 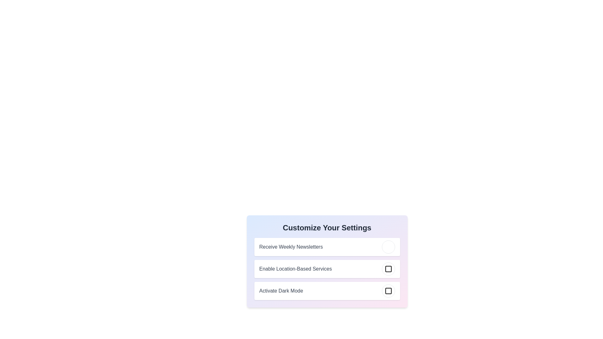 What do you see at coordinates (388, 246) in the screenshot?
I see `the toggle button located on the right side of the 'Receive Weekly Newsletters' section in the settings panel` at bounding box center [388, 246].